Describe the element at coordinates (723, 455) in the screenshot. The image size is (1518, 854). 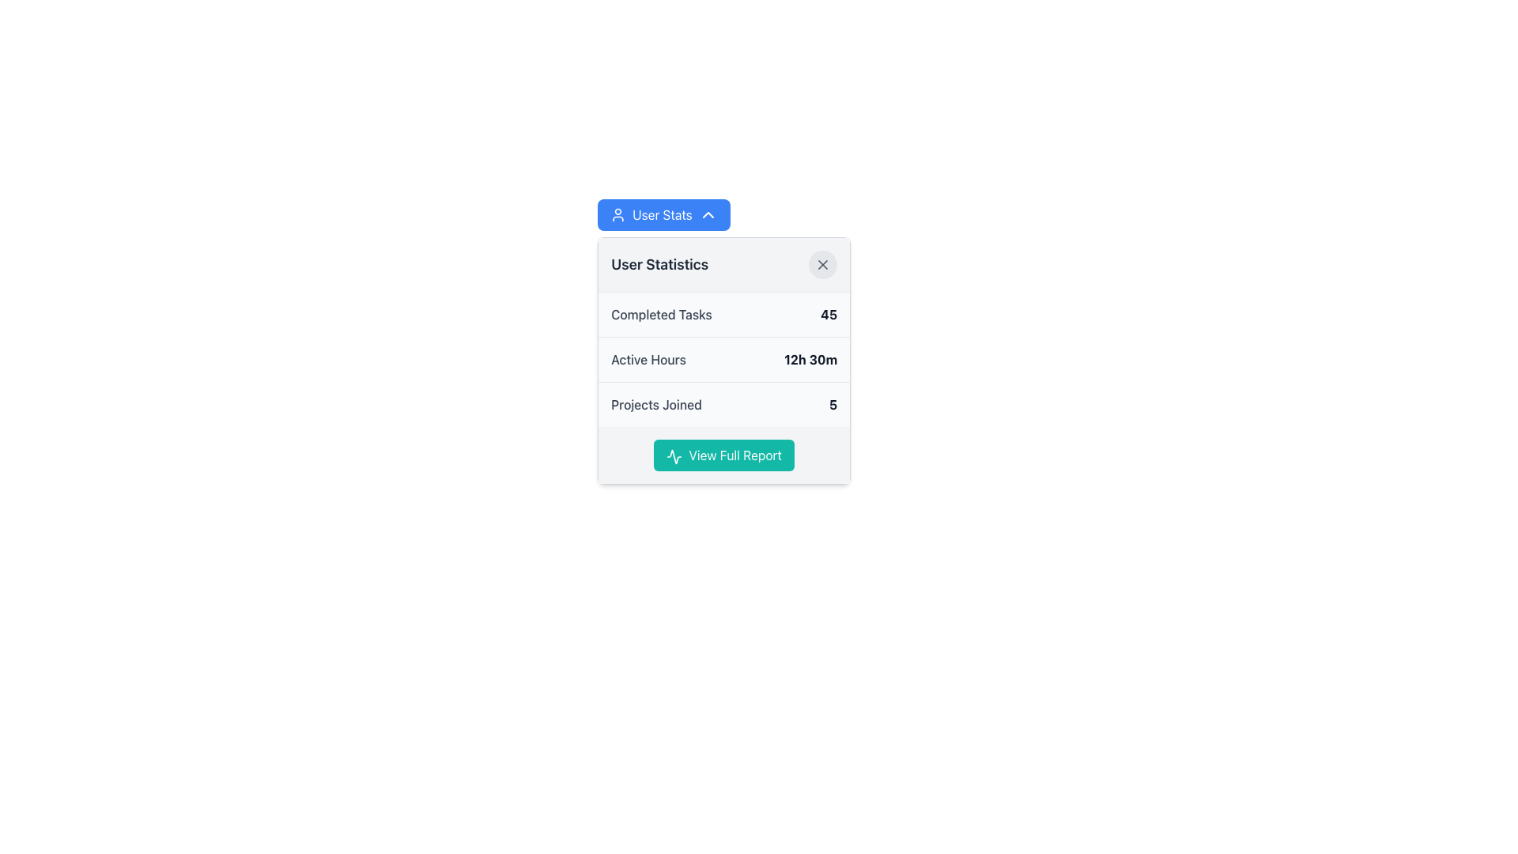
I see `the 'View Full Report' button with a teal background and rounded corners located at the bottom center of the 'User Statistics' card` at that location.